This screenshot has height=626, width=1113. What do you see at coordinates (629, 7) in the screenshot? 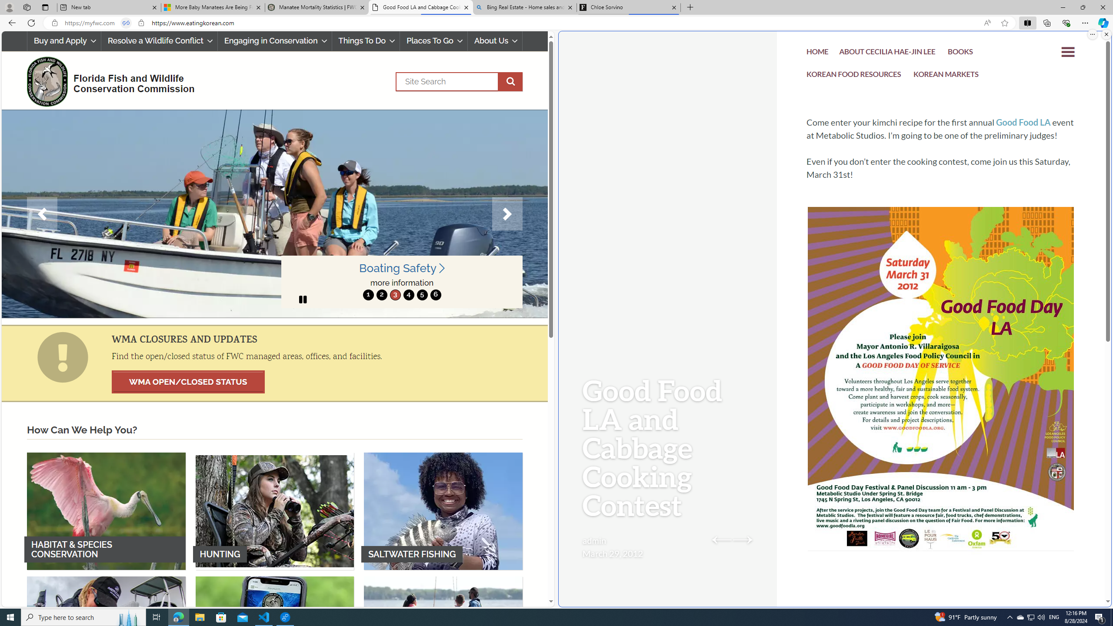
I see `'Chloe Sorvino'` at bounding box center [629, 7].